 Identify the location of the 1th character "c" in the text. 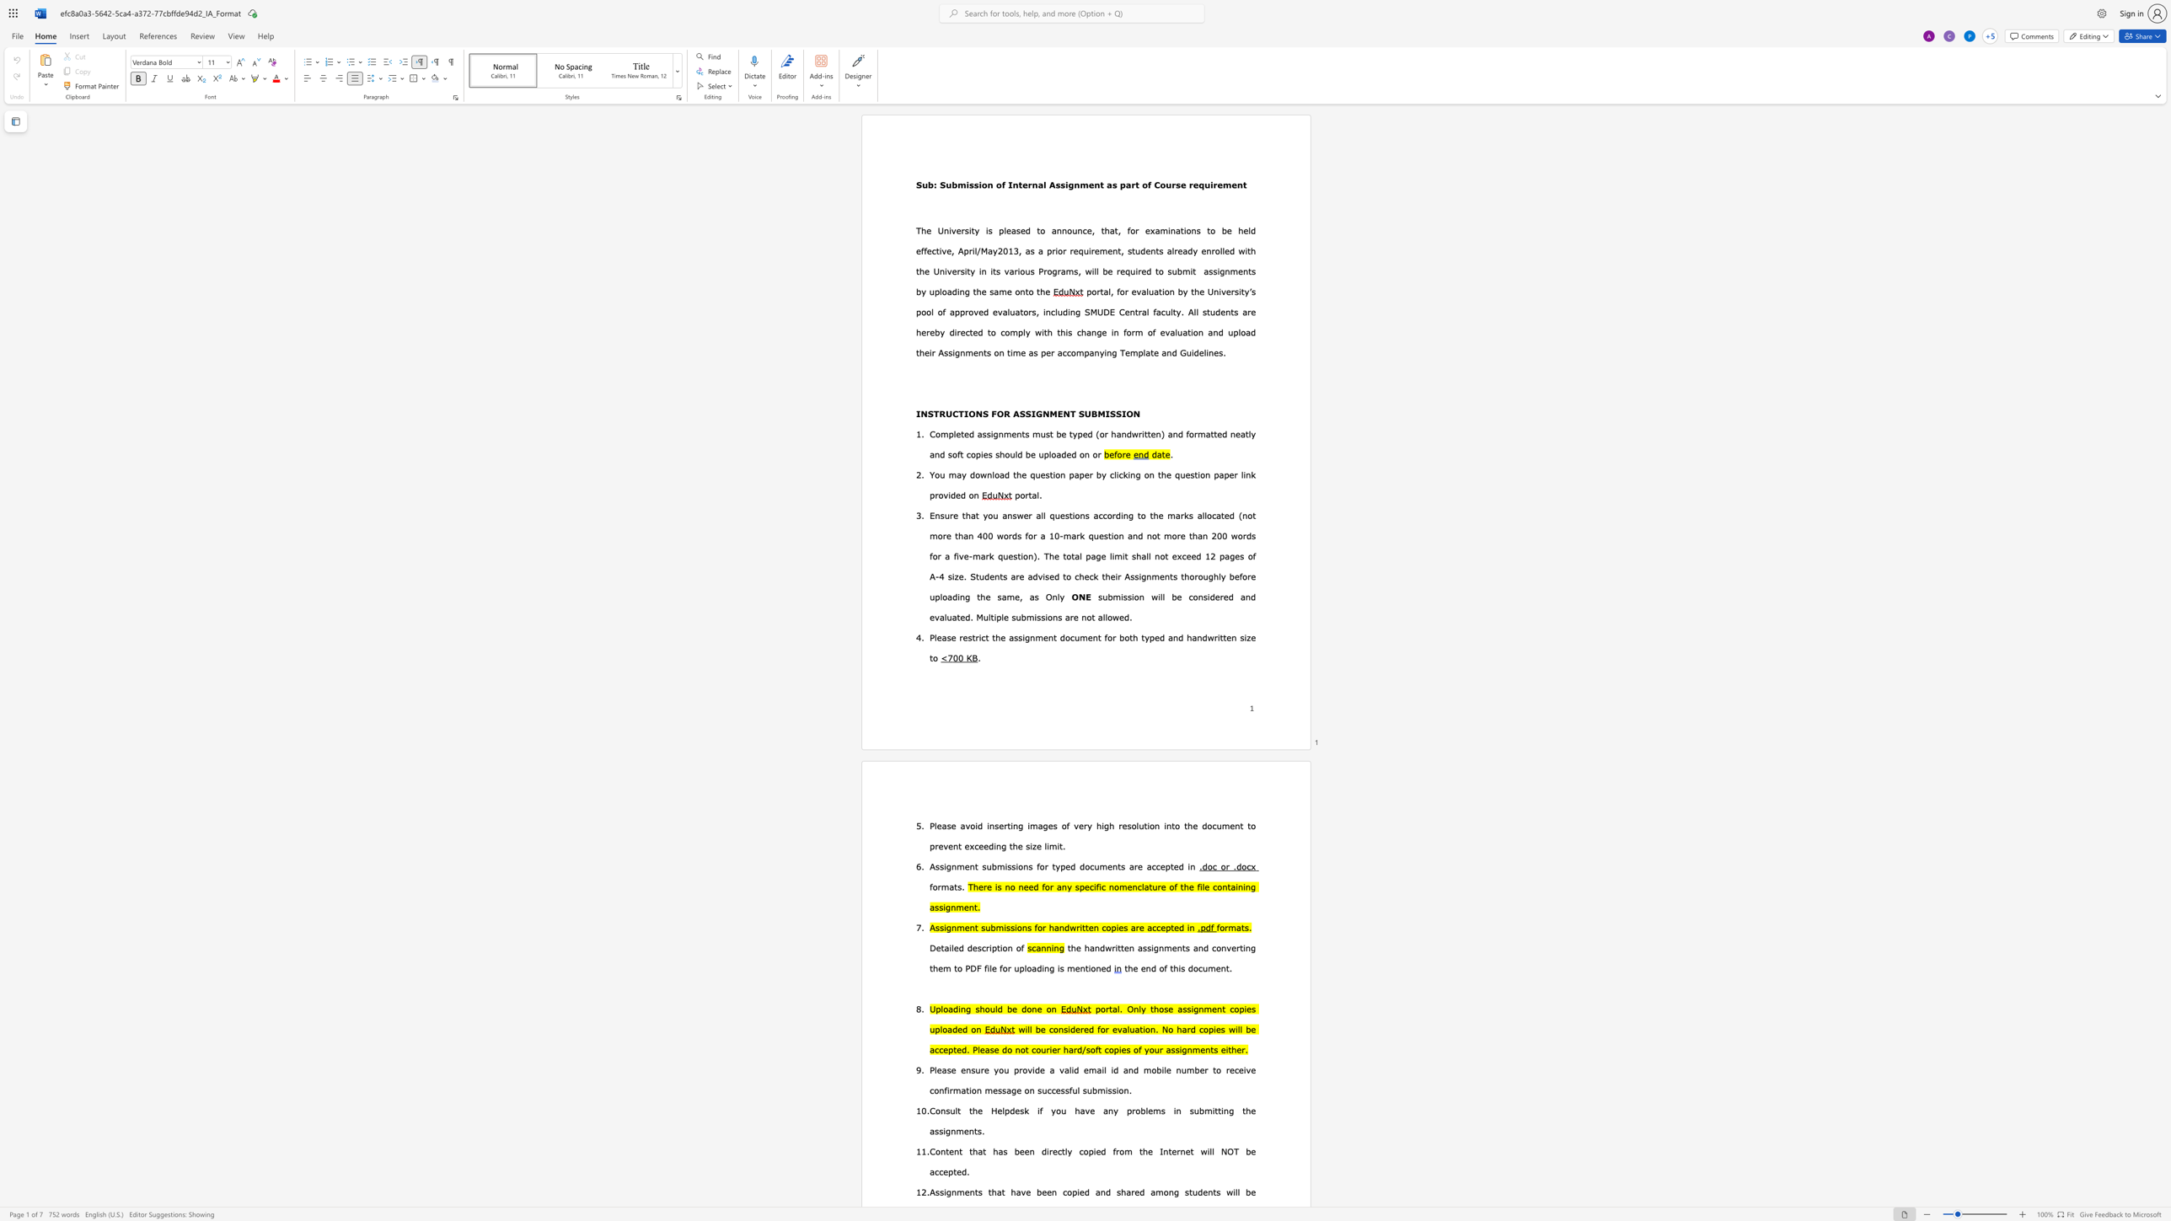
(1083, 229).